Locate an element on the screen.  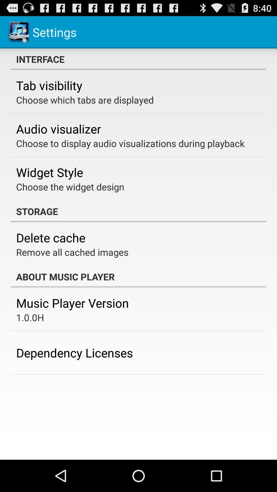
tab visibility icon is located at coordinates (49, 85).